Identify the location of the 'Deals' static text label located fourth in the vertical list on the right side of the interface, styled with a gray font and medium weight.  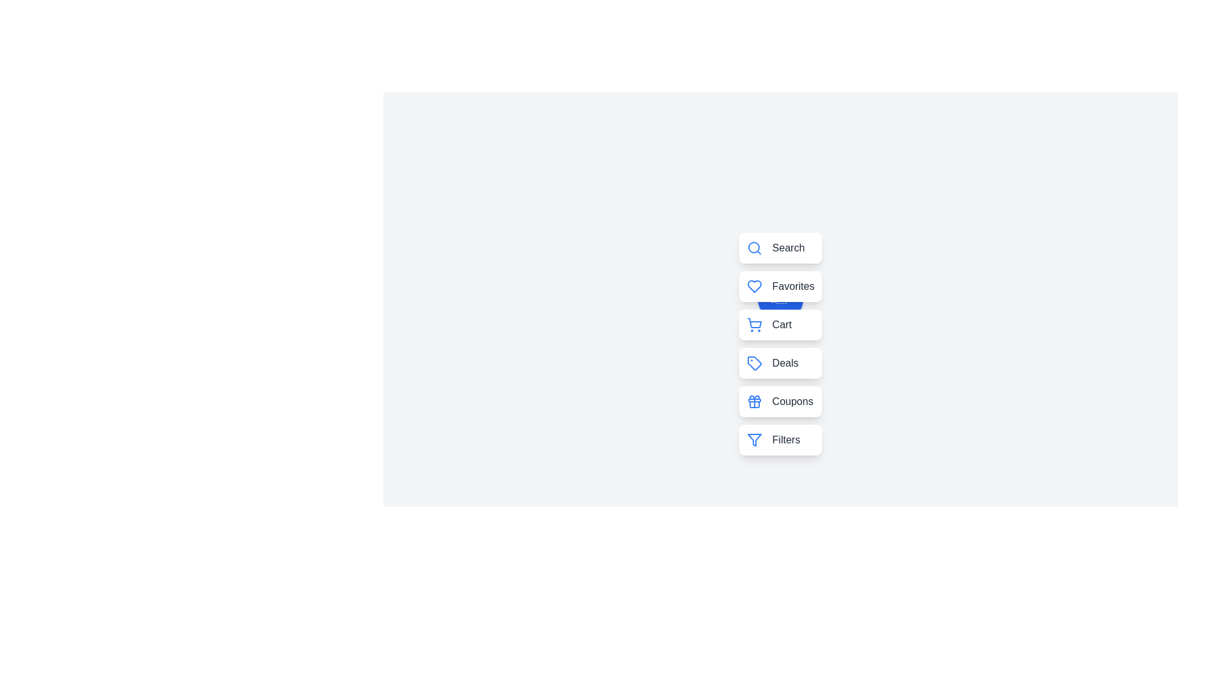
(785, 363).